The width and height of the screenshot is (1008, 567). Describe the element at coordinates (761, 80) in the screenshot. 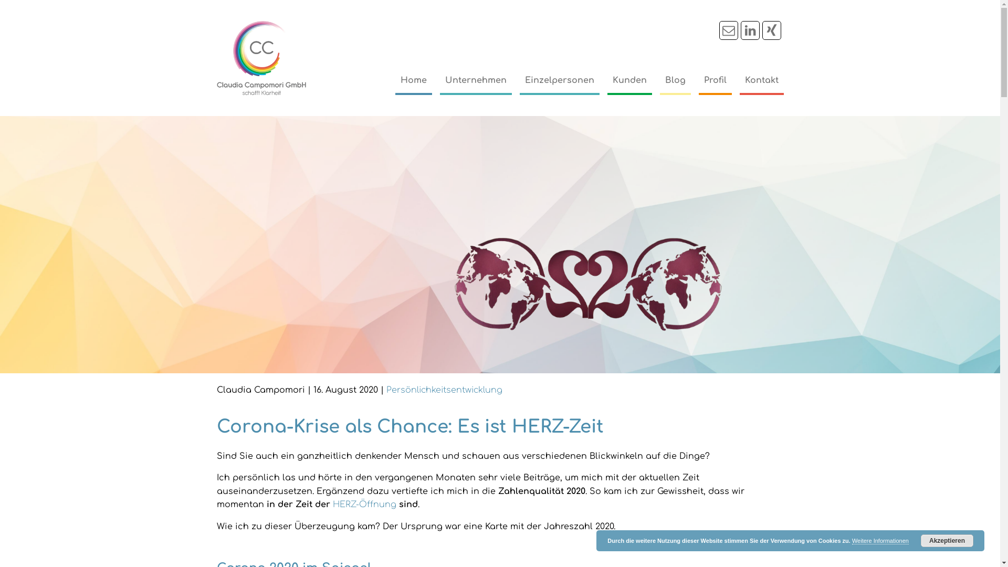

I see `'Kontakt'` at that location.